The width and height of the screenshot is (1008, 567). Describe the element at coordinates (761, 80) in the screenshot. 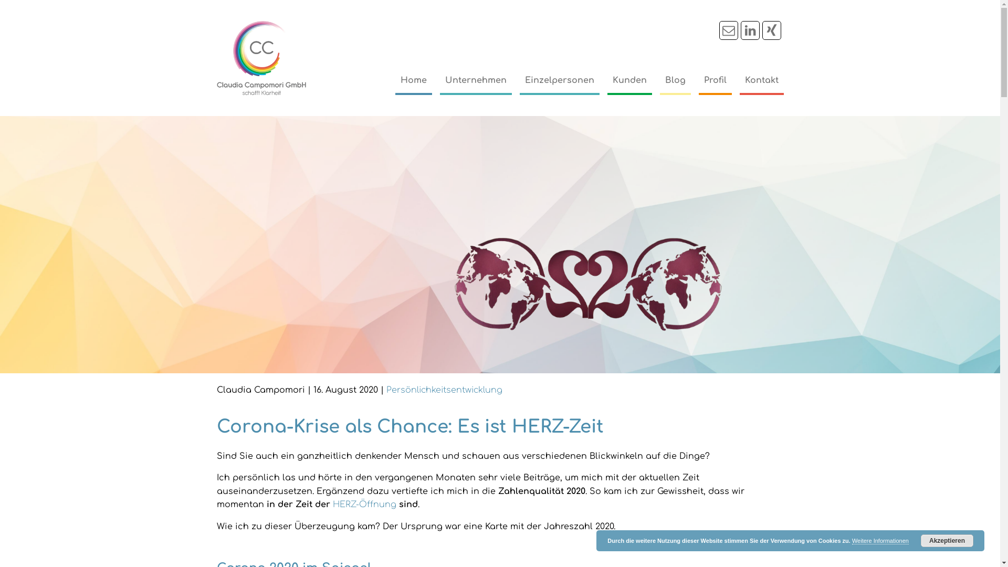

I see `'Kontakt'` at that location.